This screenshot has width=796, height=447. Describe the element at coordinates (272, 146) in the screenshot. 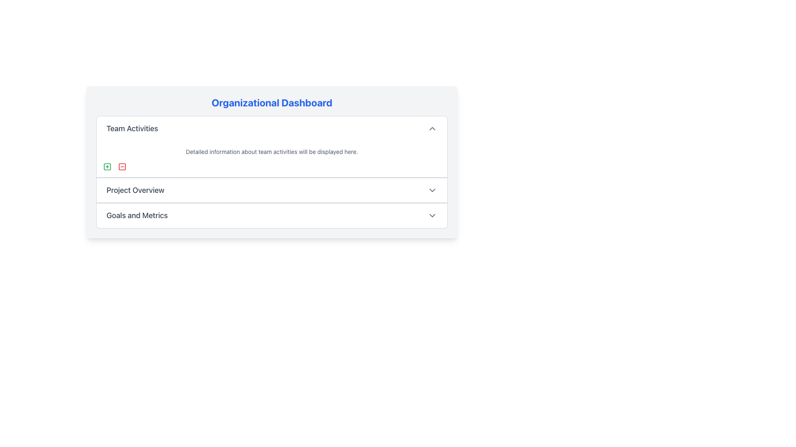

I see `descriptive text within the 'Team Activities' section, which provides detailed information about team activities` at that location.